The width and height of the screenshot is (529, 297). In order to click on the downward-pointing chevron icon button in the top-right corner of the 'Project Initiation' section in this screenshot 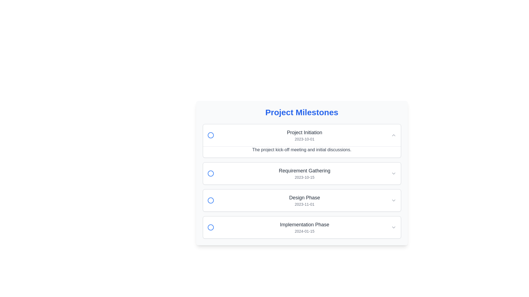, I will do `click(393, 135)`.